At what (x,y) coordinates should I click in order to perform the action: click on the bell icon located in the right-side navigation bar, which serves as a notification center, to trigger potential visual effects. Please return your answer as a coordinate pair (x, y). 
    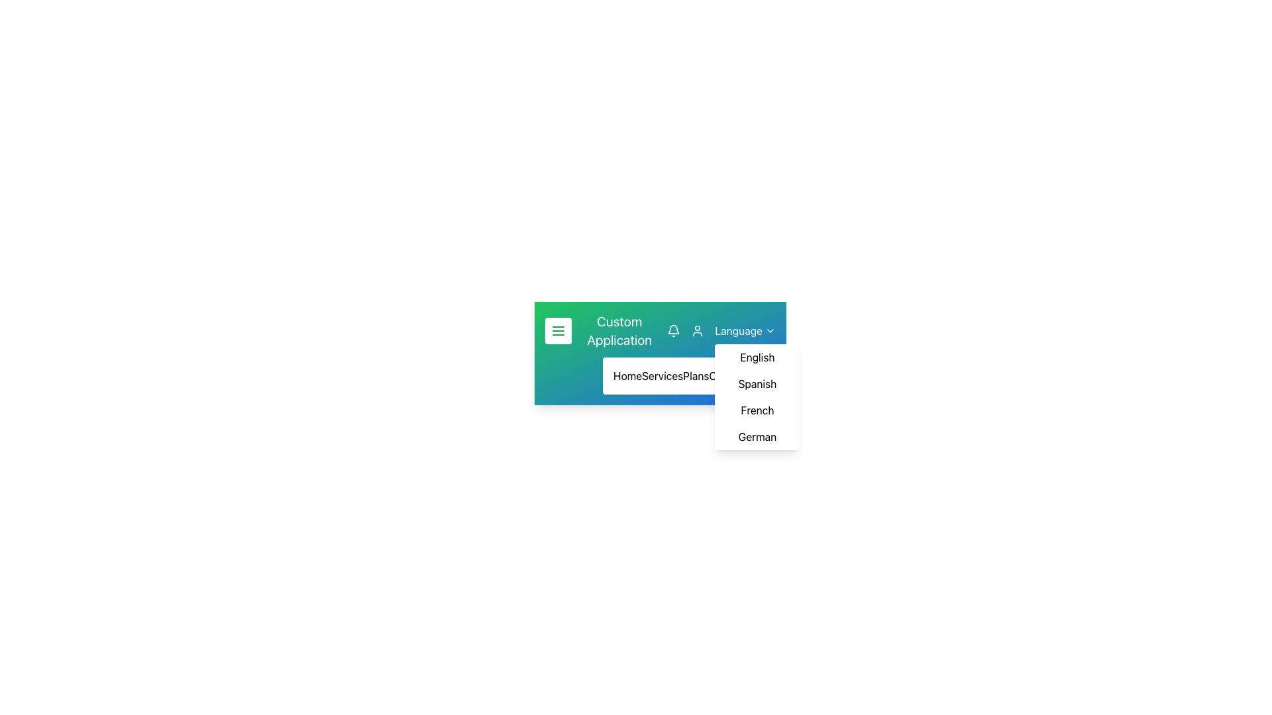
    Looking at the image, I should click on (674, 330).